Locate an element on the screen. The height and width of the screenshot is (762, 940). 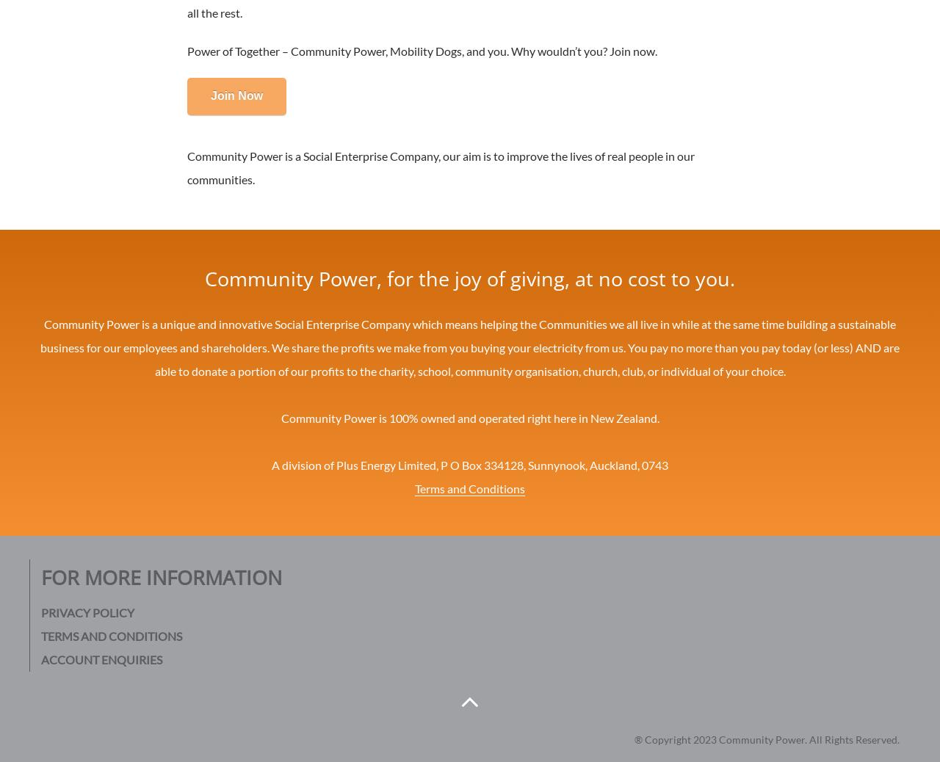
'Power of Together – Community Power, Mobility Dogs, and you. Why wouldn’t you? Join now.' is located at coordinates (421, 50).